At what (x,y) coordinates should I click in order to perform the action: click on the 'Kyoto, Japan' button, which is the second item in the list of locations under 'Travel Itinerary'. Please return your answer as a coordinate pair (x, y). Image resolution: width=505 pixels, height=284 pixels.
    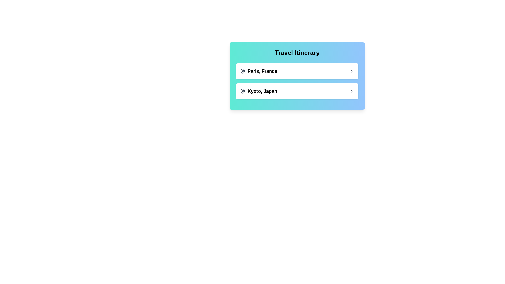
    Looking at the image, I should click on (297, 91).